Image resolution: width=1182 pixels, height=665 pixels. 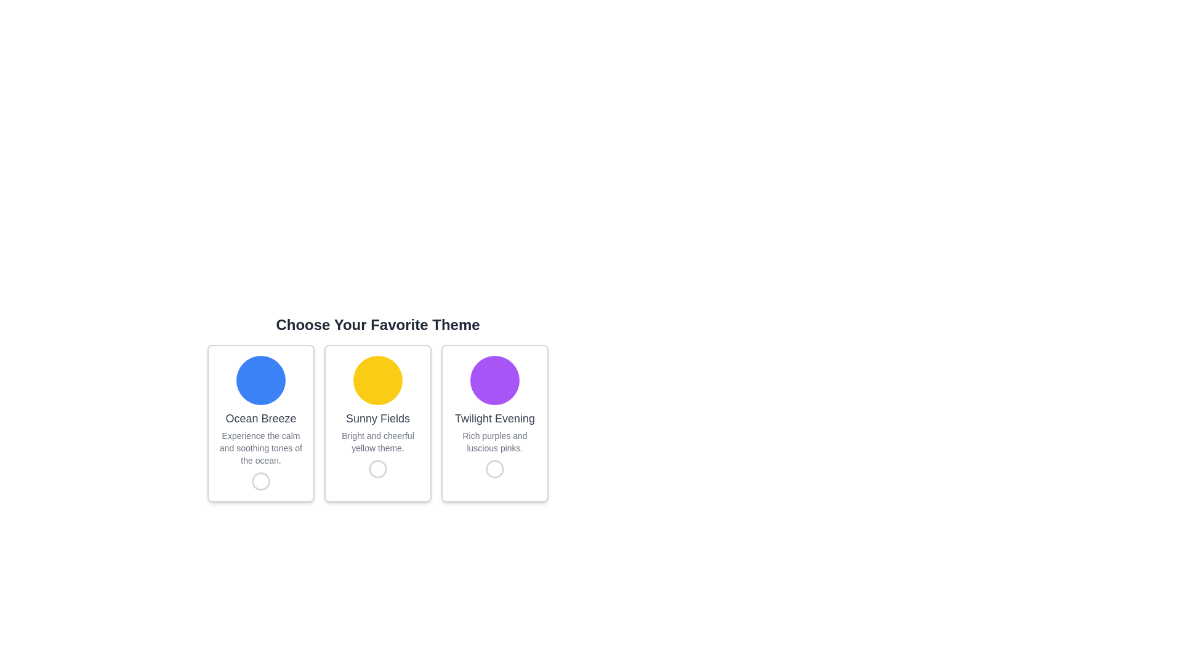 What do you see at coordinates (495, 432) in the screenshot?
I see `the text block containing 'Twilight Evening' and 'Rich purples and luscious pinks.'` at bounding box center [495, 432].